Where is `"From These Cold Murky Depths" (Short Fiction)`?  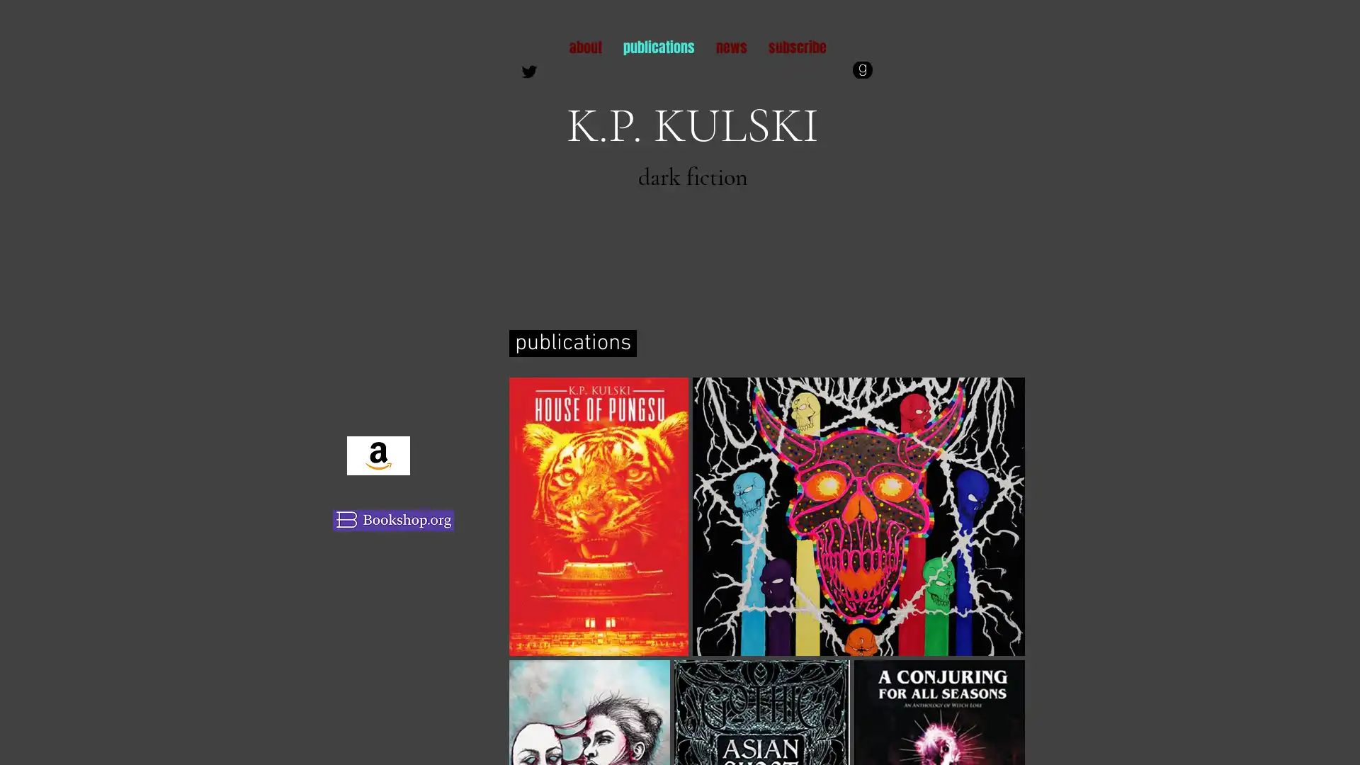
"From These Cold Murky Depths" (Short Fiction) is located at coordinates (858, 516).